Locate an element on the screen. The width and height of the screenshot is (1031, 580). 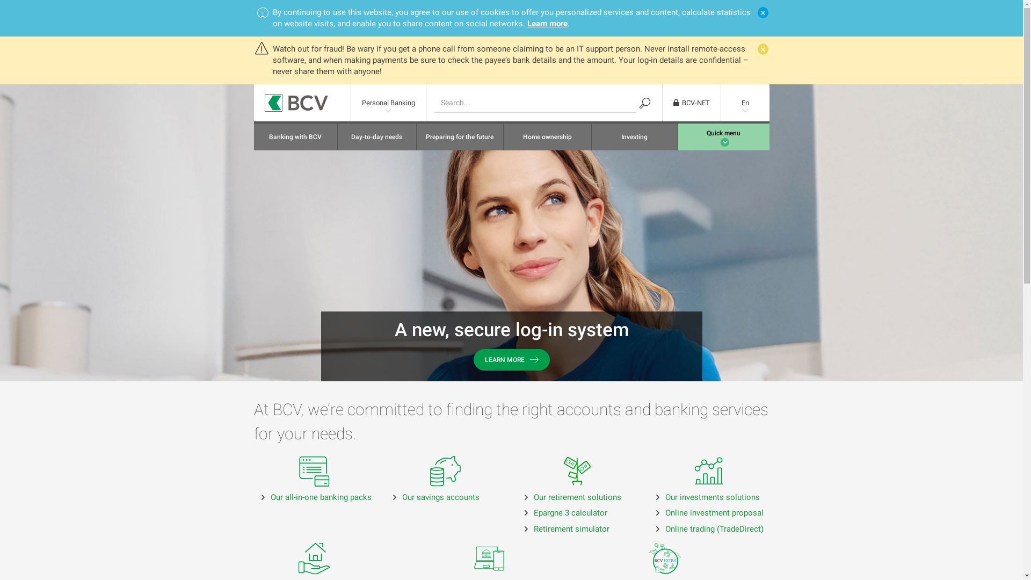
'En' is located at coordinates (744, 103).